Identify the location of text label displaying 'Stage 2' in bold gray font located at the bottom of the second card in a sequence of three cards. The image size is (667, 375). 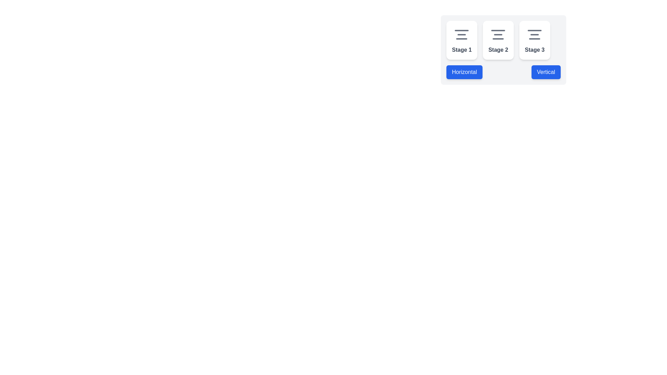
(498, 49).